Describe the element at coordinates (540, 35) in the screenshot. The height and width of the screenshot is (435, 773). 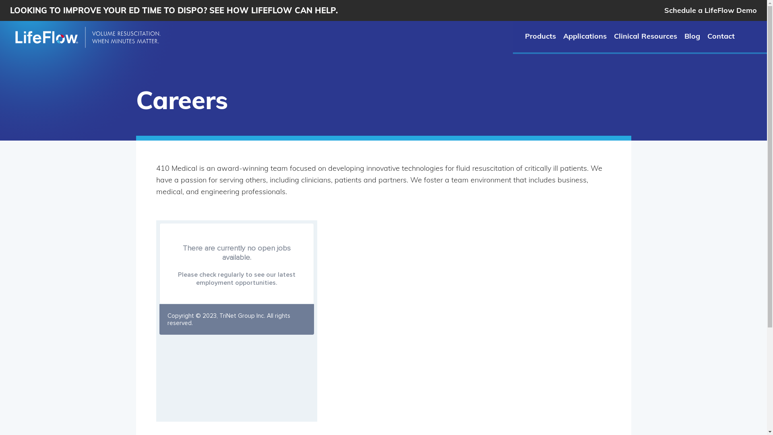
I see `'Products'` at that location.